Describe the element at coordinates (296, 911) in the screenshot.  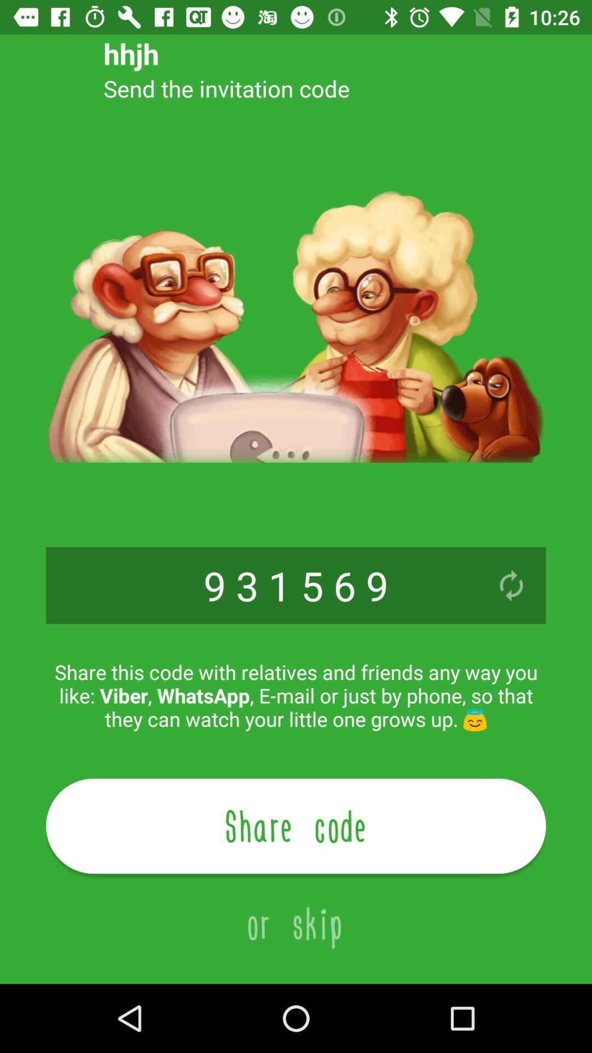
I see `the or skip item` at that location.